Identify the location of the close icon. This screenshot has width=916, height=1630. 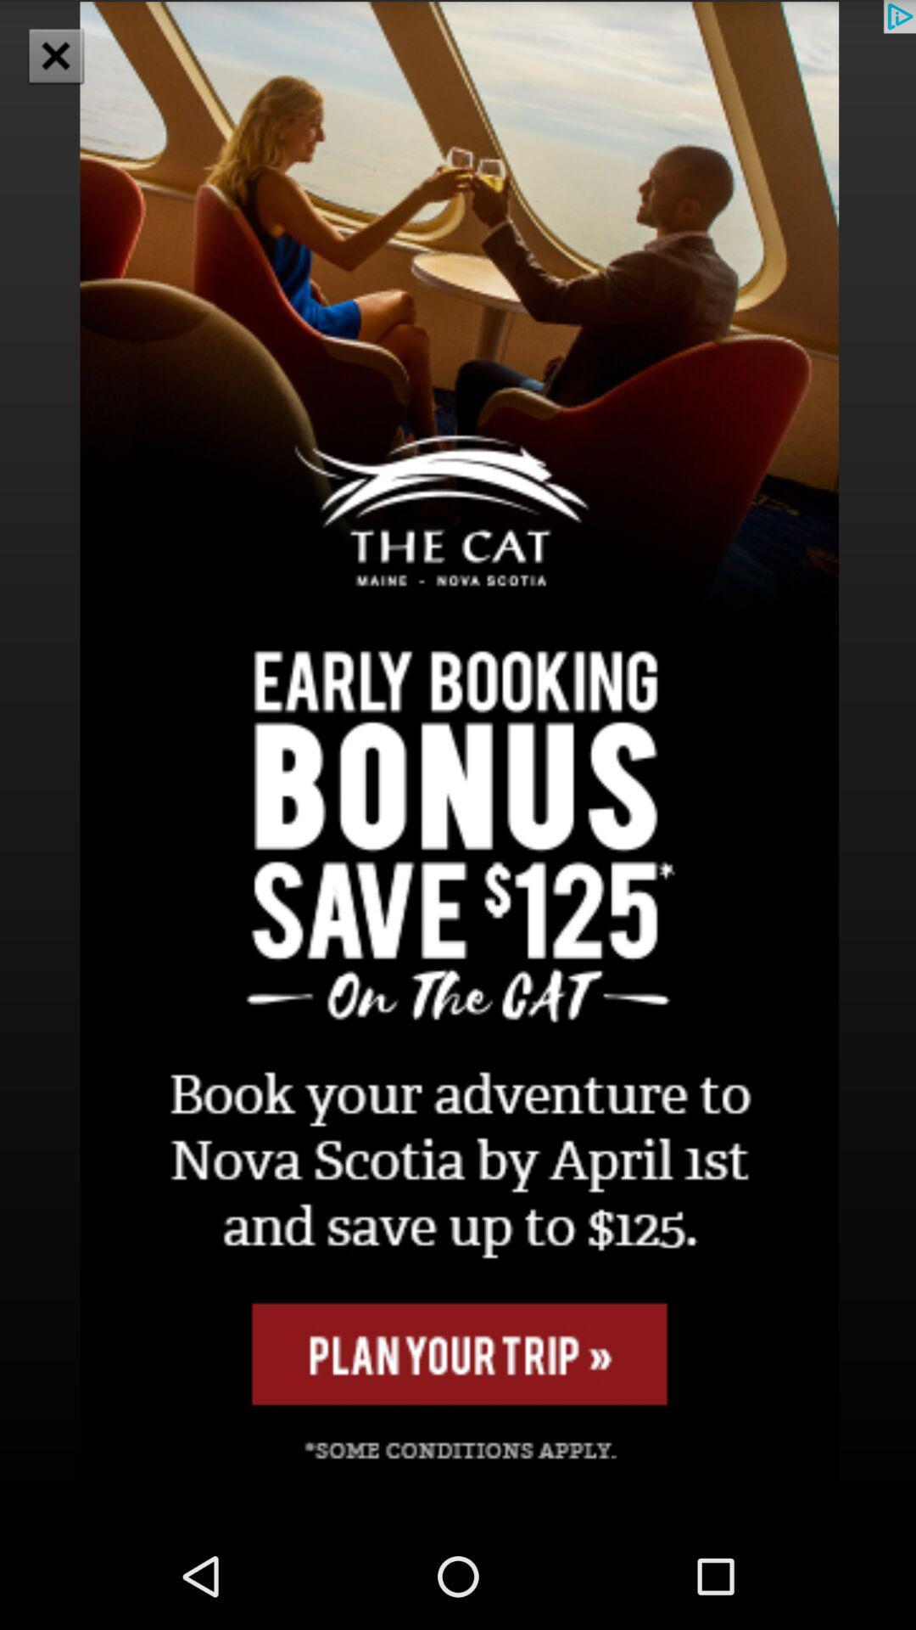
(54, 59).